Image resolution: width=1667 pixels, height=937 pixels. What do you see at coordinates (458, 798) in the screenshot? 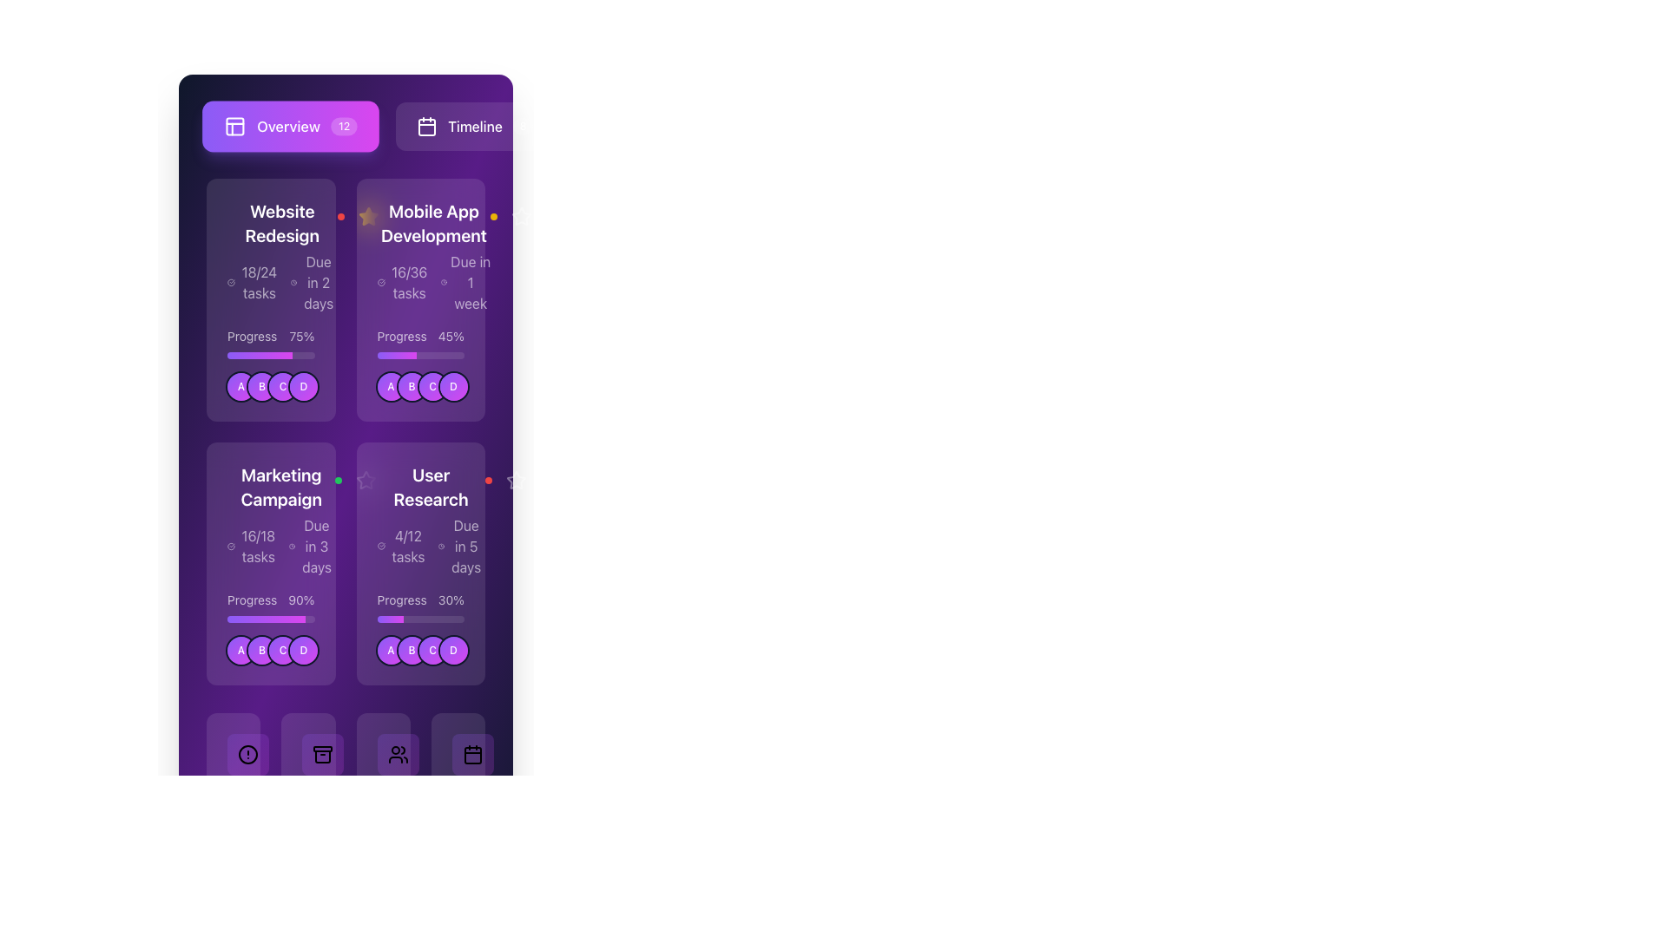
I see `the Navigation Button located at the far right end of the bottom navigation bar` at bounding box center [458, 798].